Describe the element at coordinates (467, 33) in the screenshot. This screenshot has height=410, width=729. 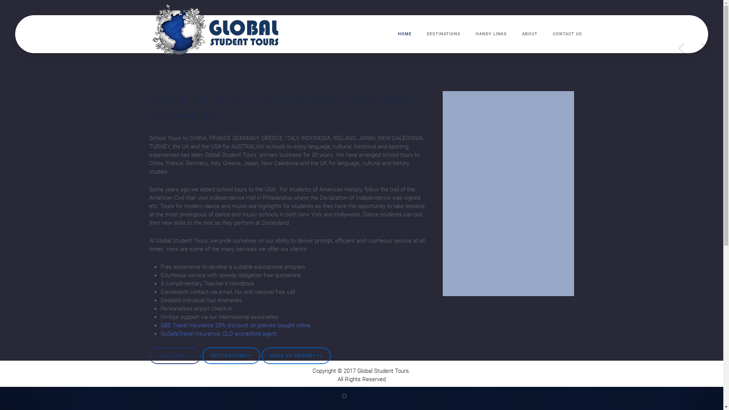
I see `'HANDY LINKS'` at that location.